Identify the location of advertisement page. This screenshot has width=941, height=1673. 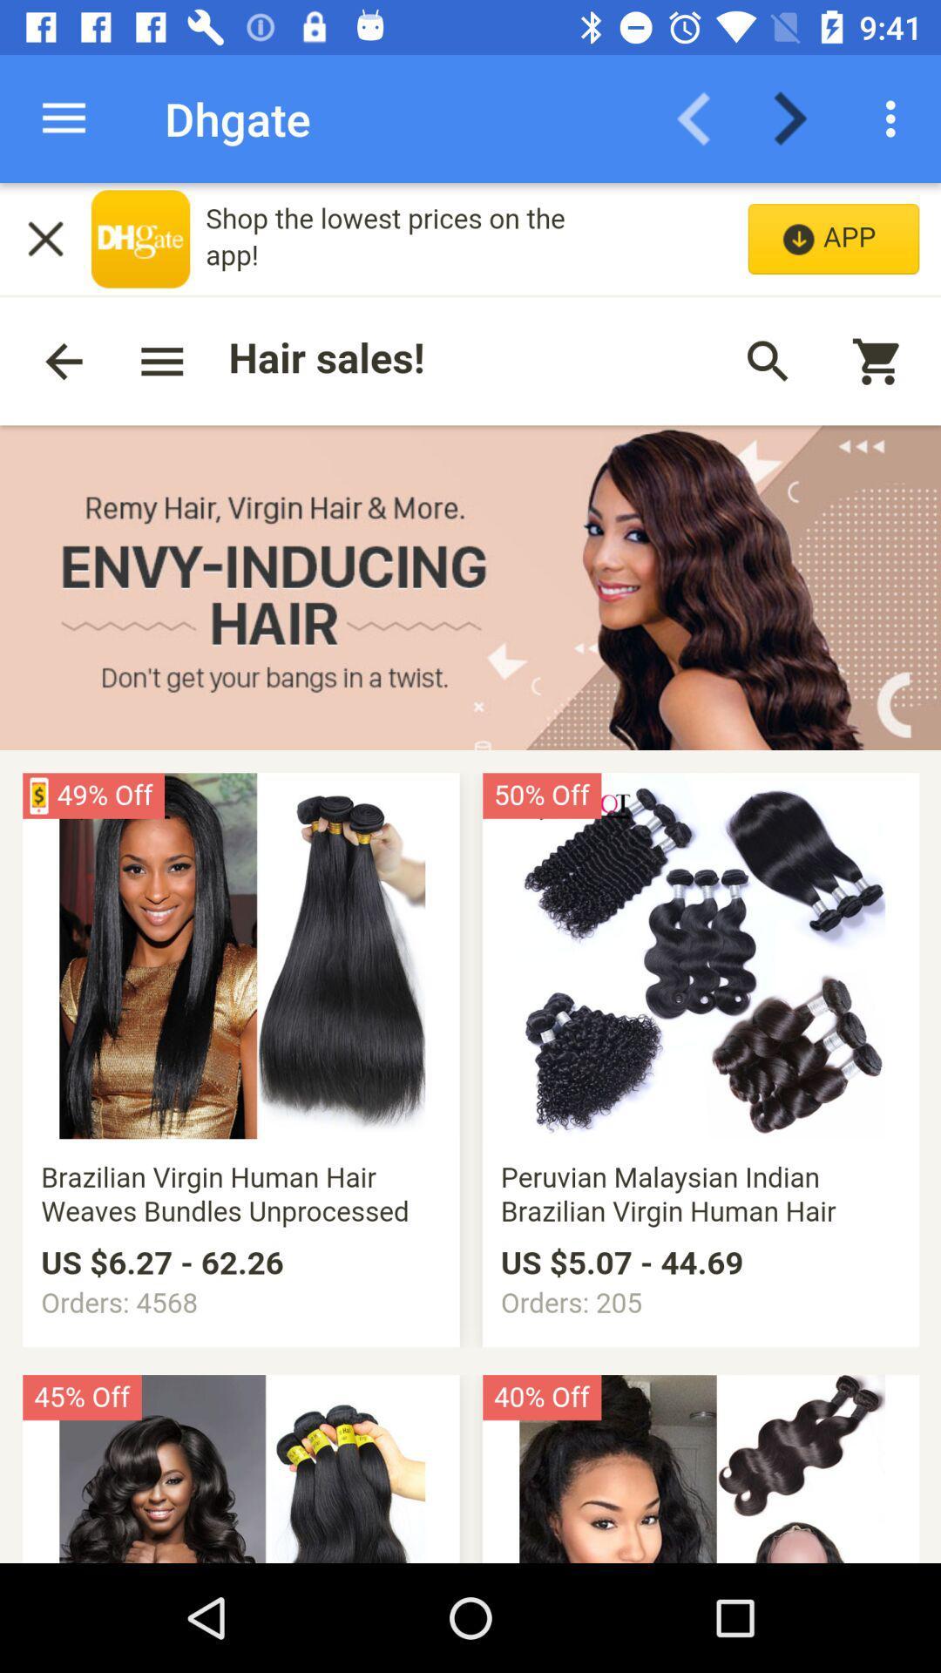
(470, 873).